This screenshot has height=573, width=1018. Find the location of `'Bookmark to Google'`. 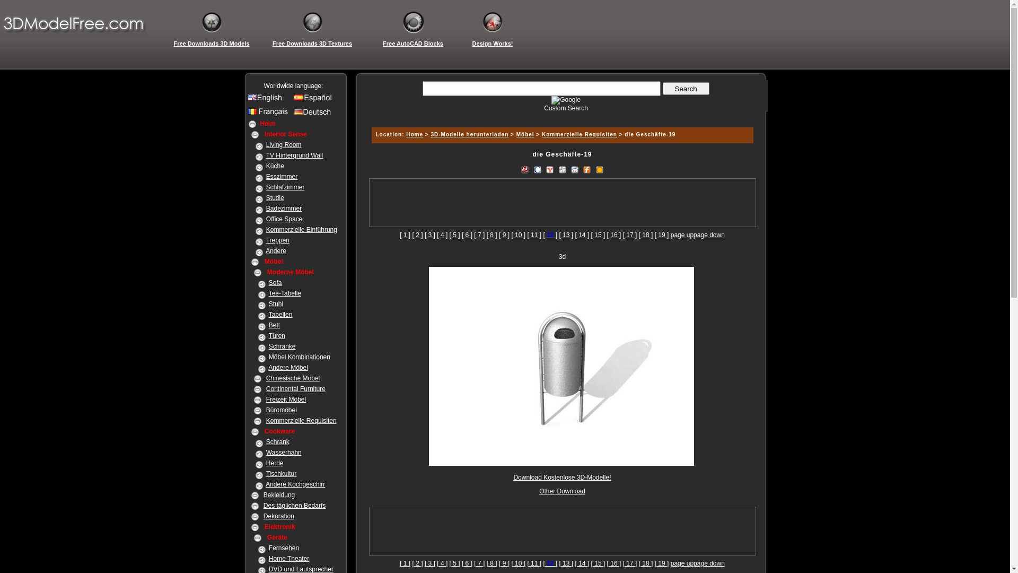

'Bookmark to Google' is located at coordinates (537, 169).